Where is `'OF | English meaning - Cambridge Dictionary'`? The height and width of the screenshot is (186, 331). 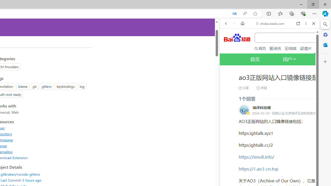
'OF | English meaning - Cambridge Dictionary' is located at coordinates (267, 108).